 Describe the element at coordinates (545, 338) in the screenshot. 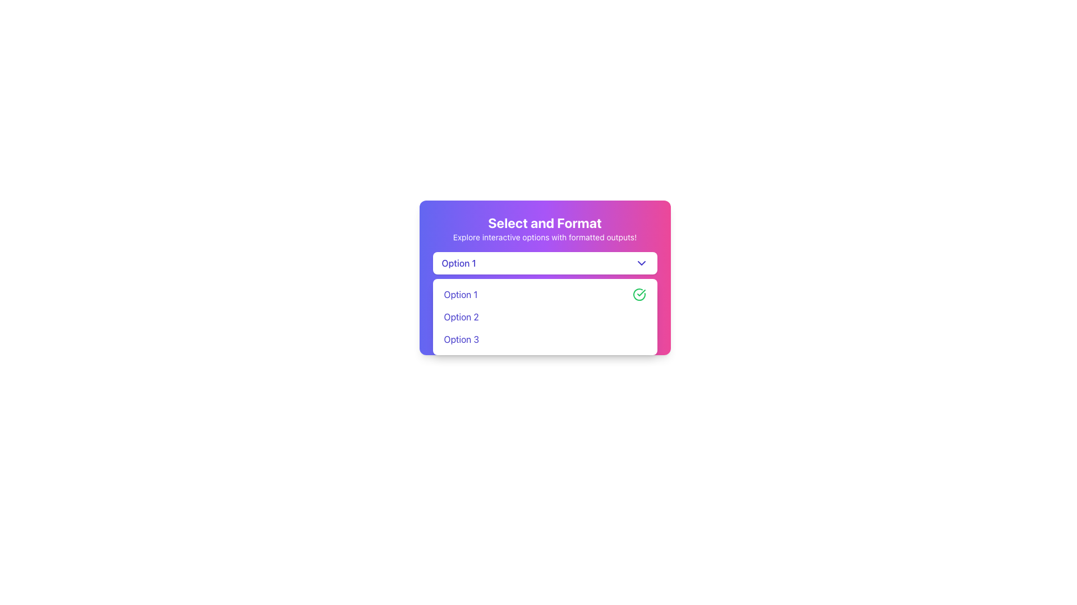

I see `the dropdown menu option labeled 'Option 3'` at that location.